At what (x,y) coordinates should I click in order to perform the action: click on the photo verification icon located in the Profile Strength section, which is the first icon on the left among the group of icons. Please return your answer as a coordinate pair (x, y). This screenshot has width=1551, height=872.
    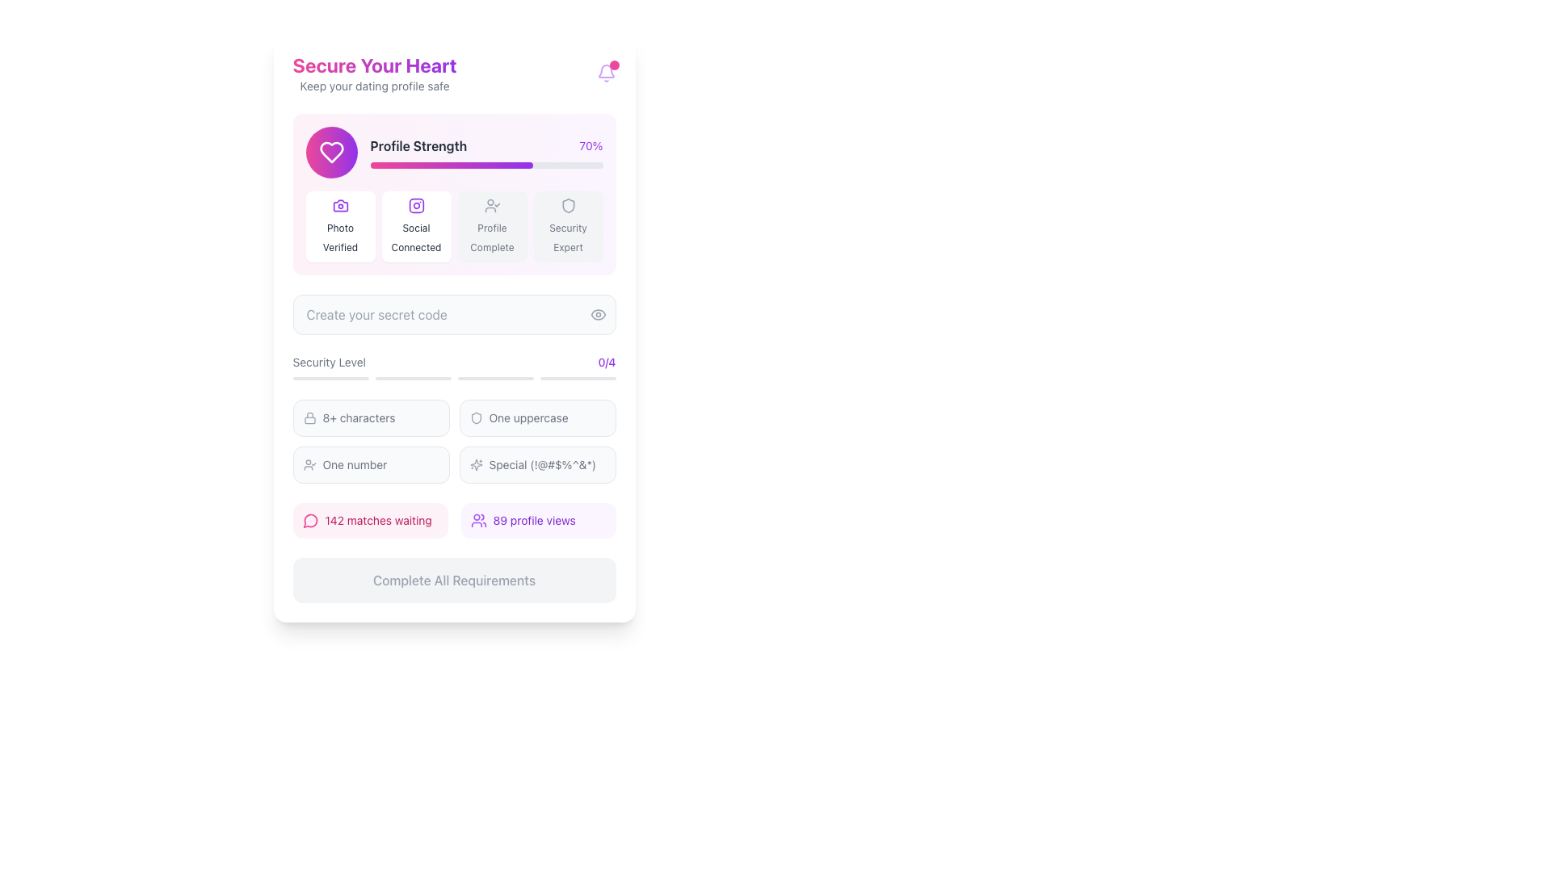
    Looking at the image, I should click on (339, 204).